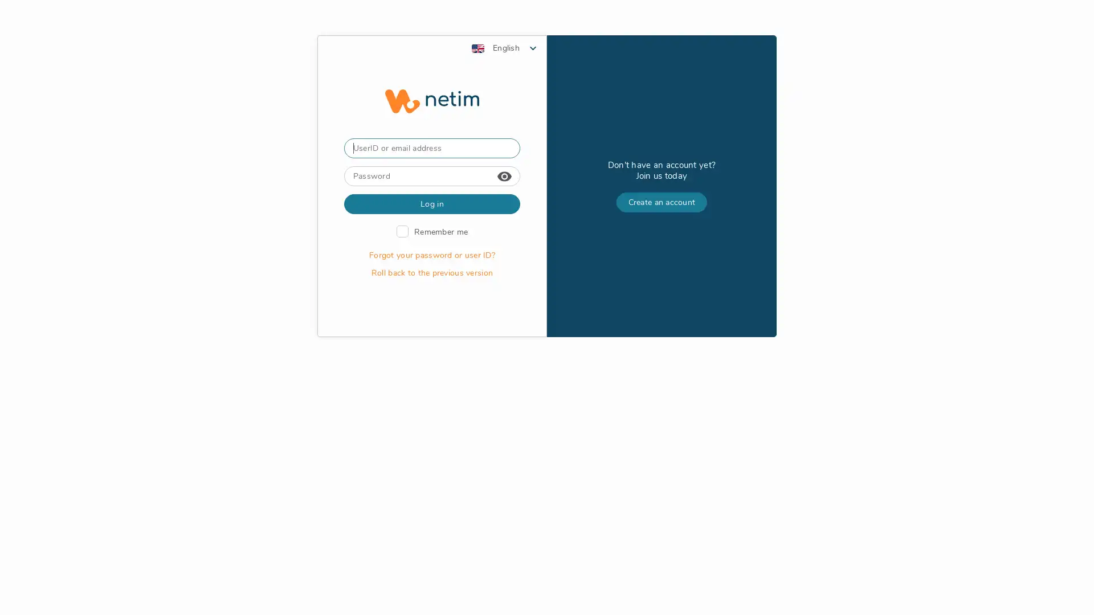  What do you see at coordinates (431, 325) in the screenshot?
I see `Log in` at bounding box center [431, 325].